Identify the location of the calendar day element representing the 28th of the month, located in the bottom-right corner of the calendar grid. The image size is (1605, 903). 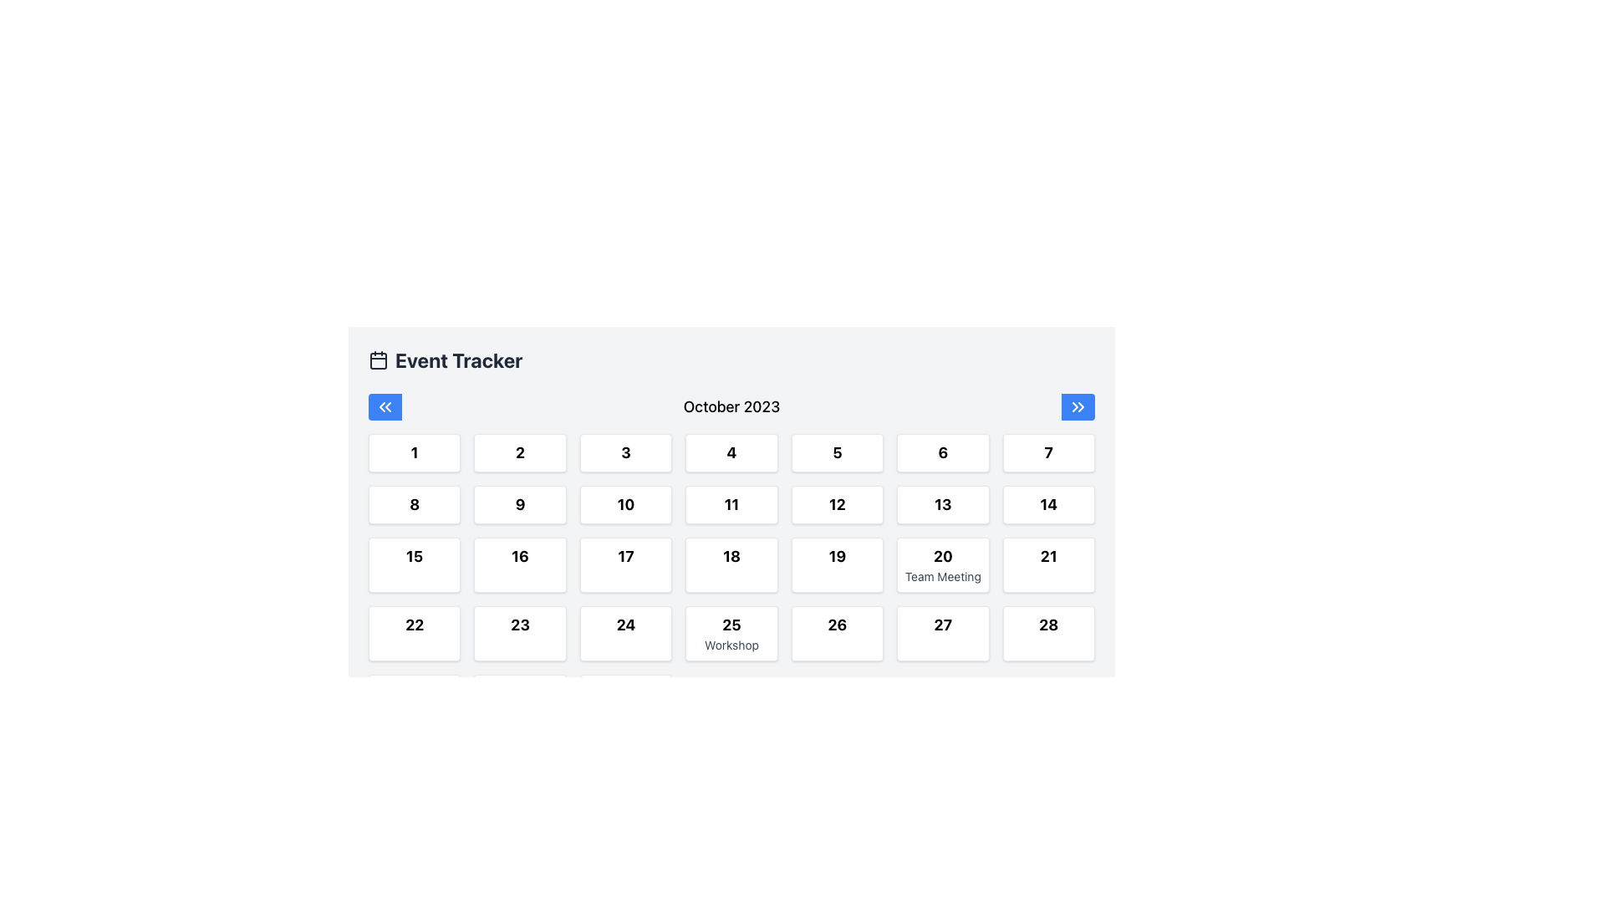
(1047, 634).